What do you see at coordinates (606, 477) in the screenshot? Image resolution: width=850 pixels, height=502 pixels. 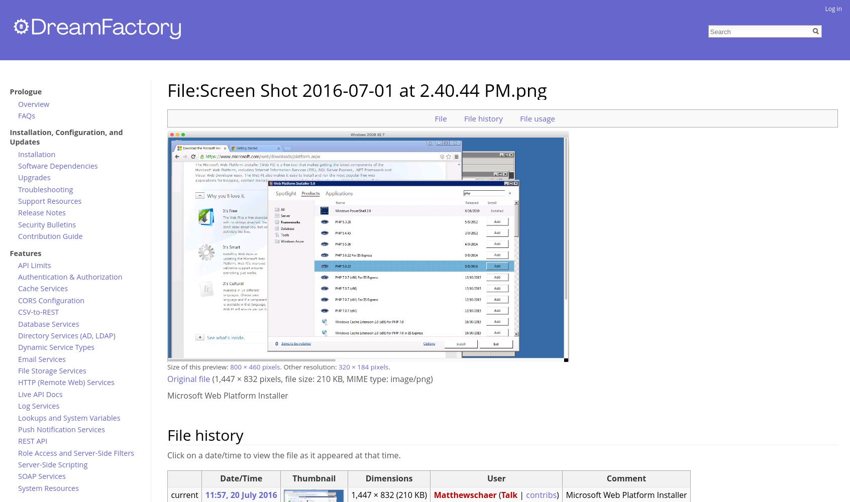 I see `'Comment'` at bounding box center [606, 477].